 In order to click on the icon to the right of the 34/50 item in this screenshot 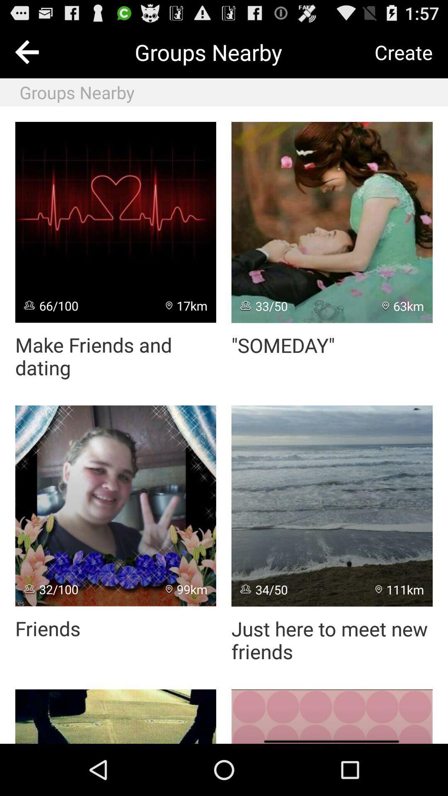, I will do `click(399, 589)`.